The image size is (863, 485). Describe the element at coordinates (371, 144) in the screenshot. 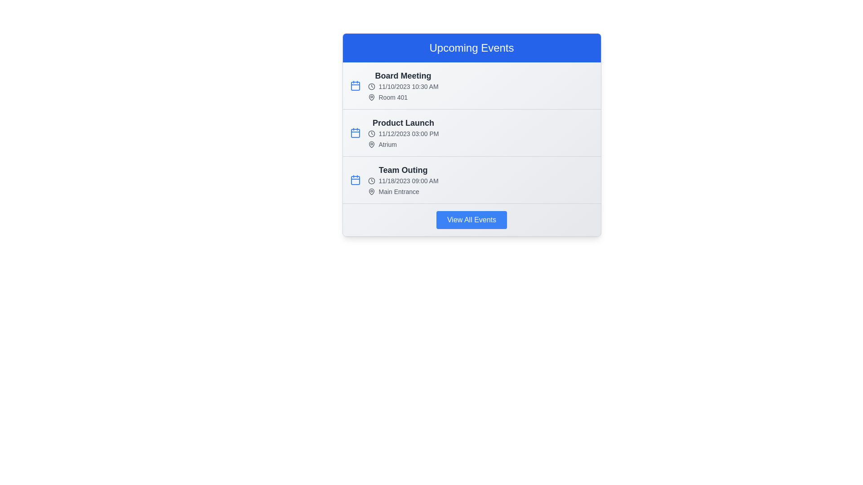

I see `the visual indicator icon located in the 'Product Launch' section, adjacent to the text 'Atrium' under the event date and time` at that location.